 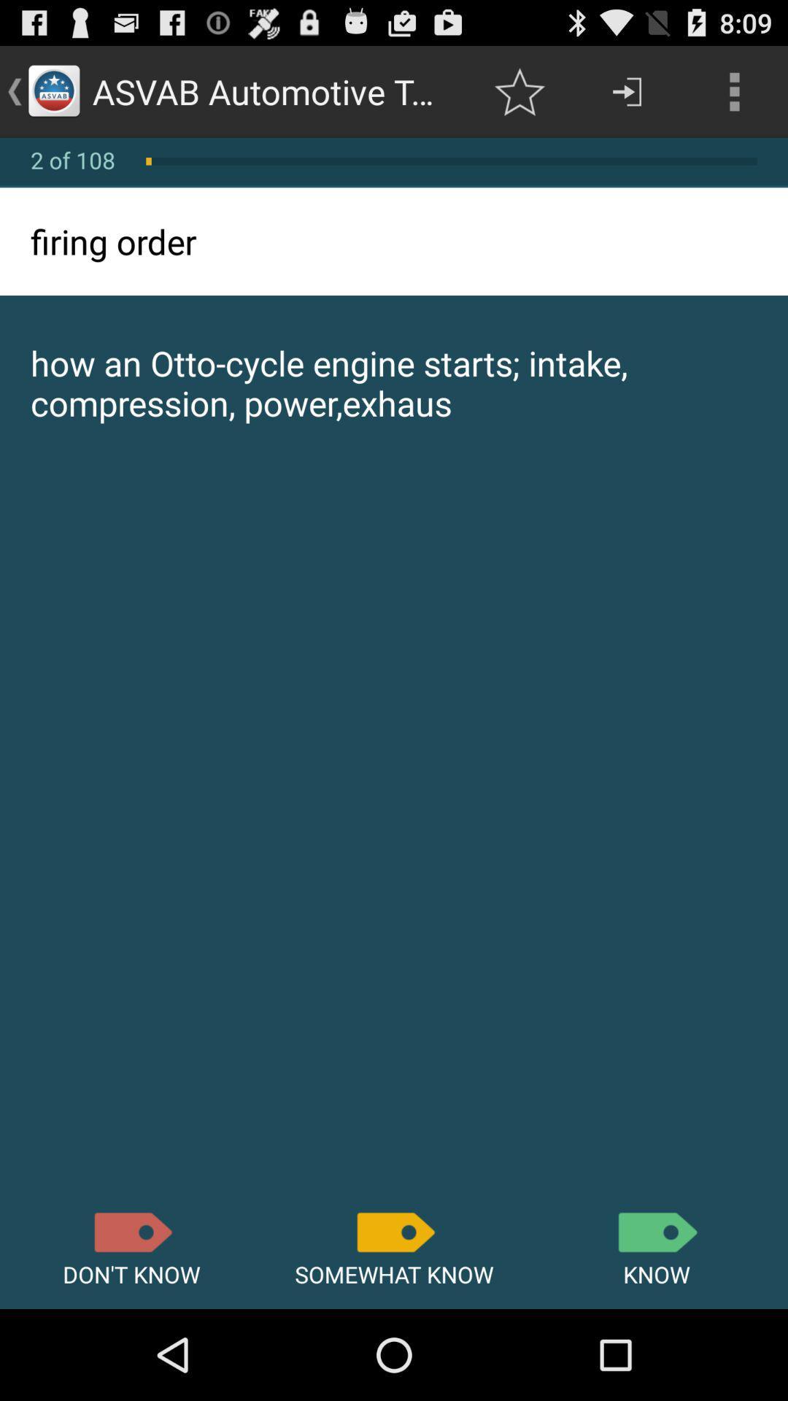 What do you see at coordinates (131, 1232) in the screenshot?
I see `the item below the how an otto` at bounding box center [131, 1232].